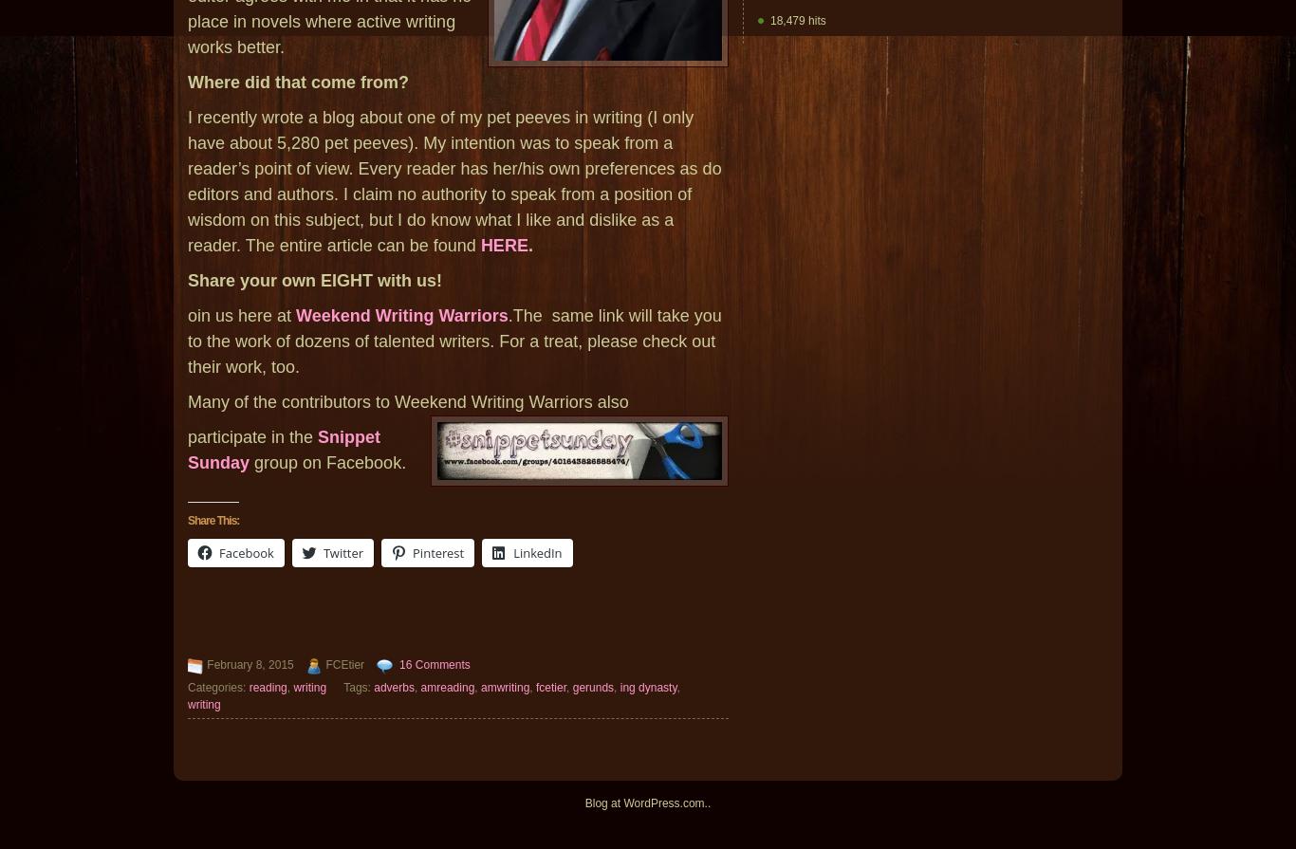 Image resolution: width=1296 pixels, height=849 pixels. What do you see at coordinates (342, 552) in the screenshot?
I see `'Twitter'` at bounding box center [342, 552].